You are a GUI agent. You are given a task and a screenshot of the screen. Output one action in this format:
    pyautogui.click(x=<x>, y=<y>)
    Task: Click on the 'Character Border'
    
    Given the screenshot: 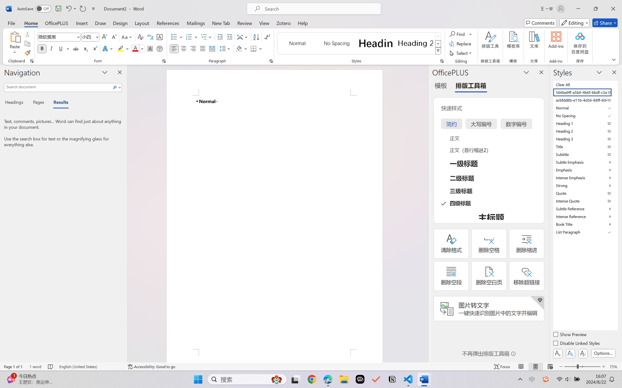 What is the action you would take?
    pyautogui.click(x=160, y=37)
    